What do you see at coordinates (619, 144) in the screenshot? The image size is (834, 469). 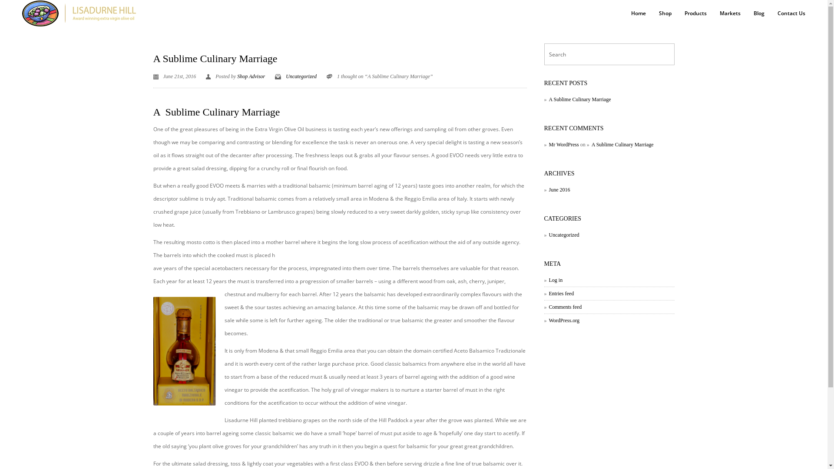 I see `'A Sublime Culinary Marriage'` at bounding box center [619, 144].